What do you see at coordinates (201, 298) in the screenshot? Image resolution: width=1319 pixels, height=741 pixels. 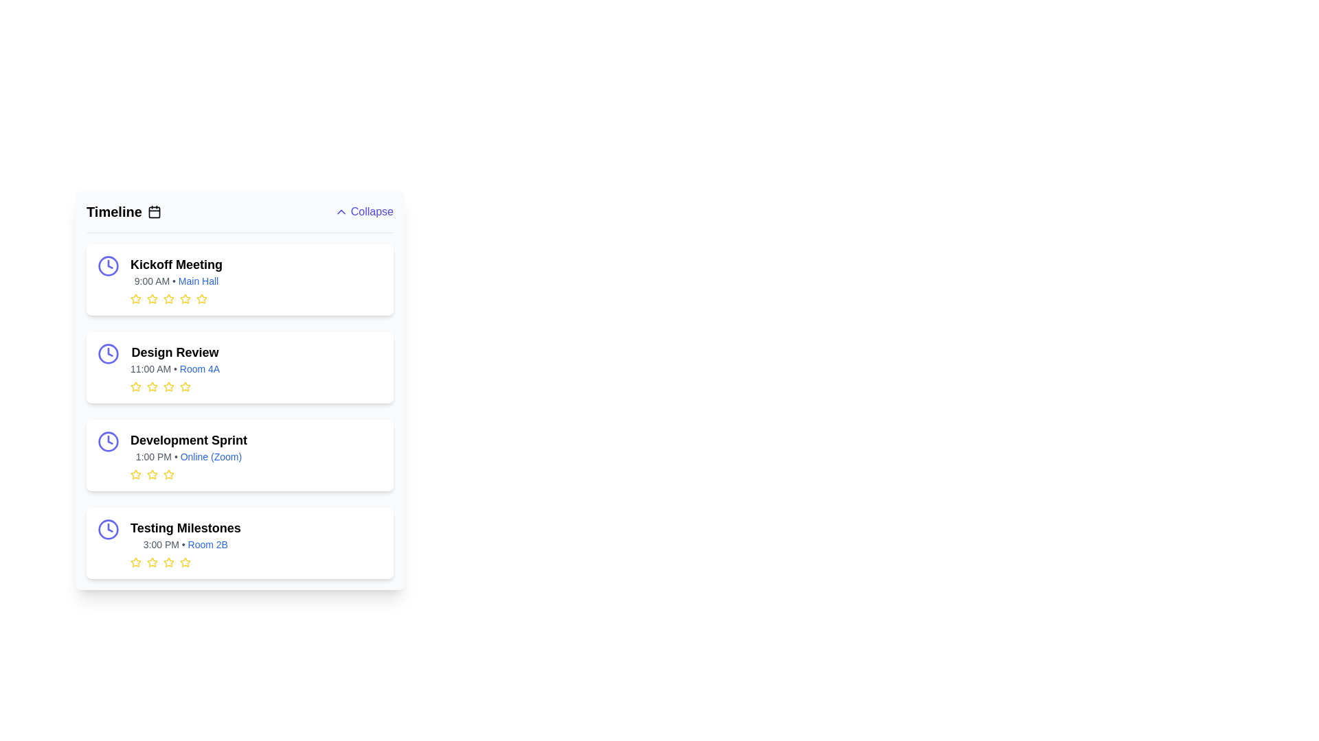 I see `the fifth star icon in the rating system within the 'Kickoff Meeting' card` at bounding box center [201, 298].